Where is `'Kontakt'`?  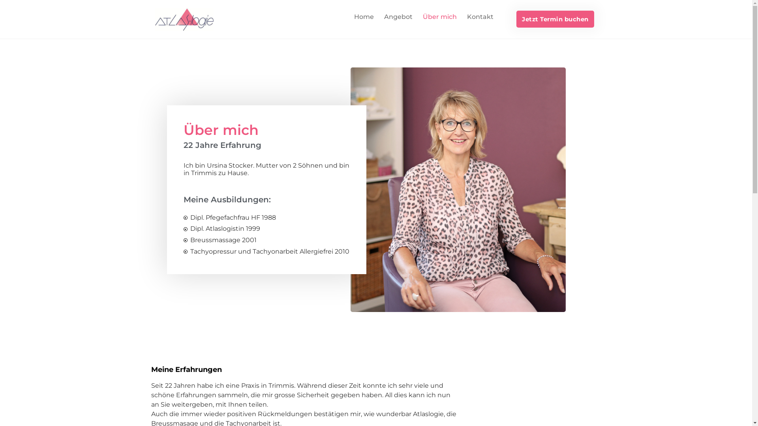
'Kontakt' is located at coordinates (480, 17).